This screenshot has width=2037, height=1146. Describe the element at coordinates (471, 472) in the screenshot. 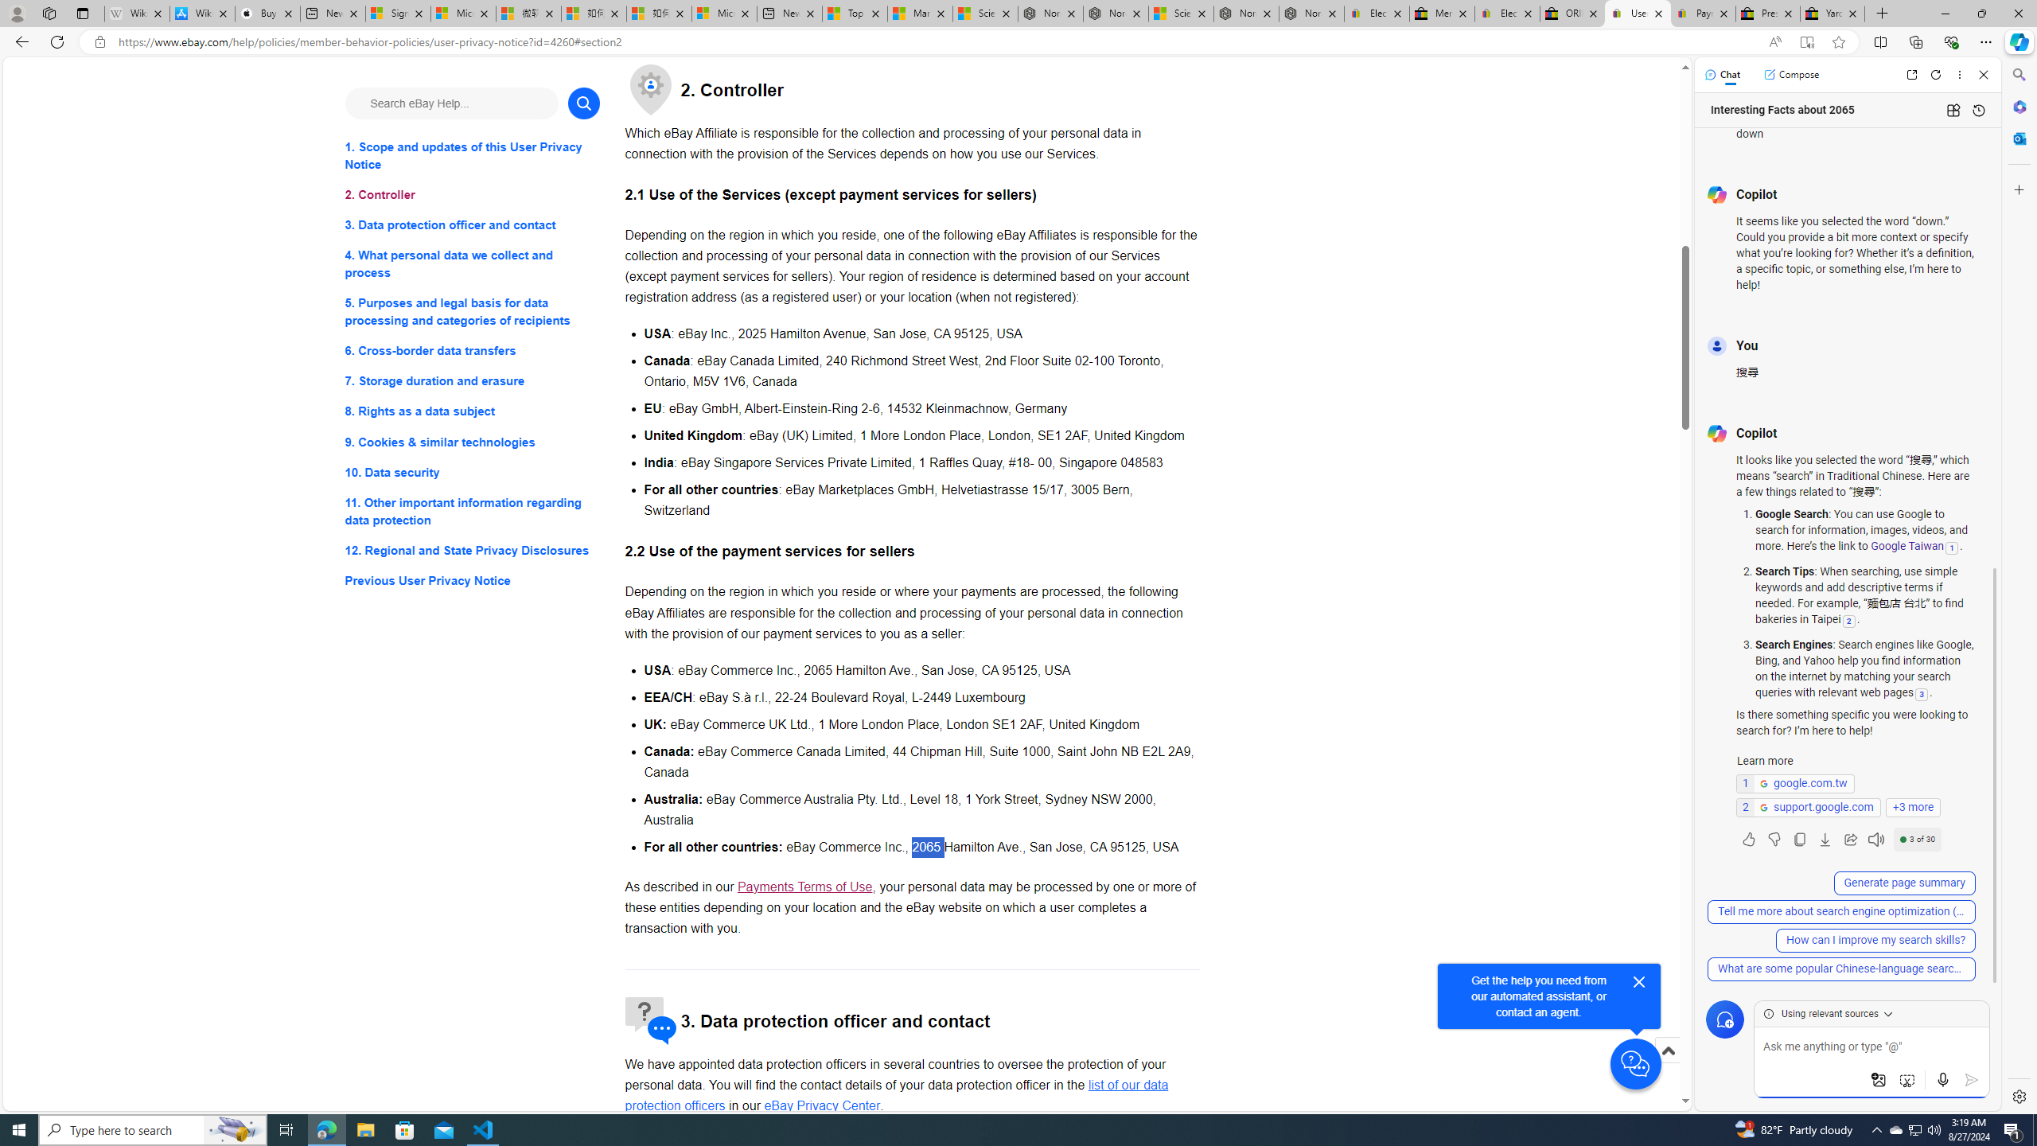

I see `'10. Data security'` at that location.